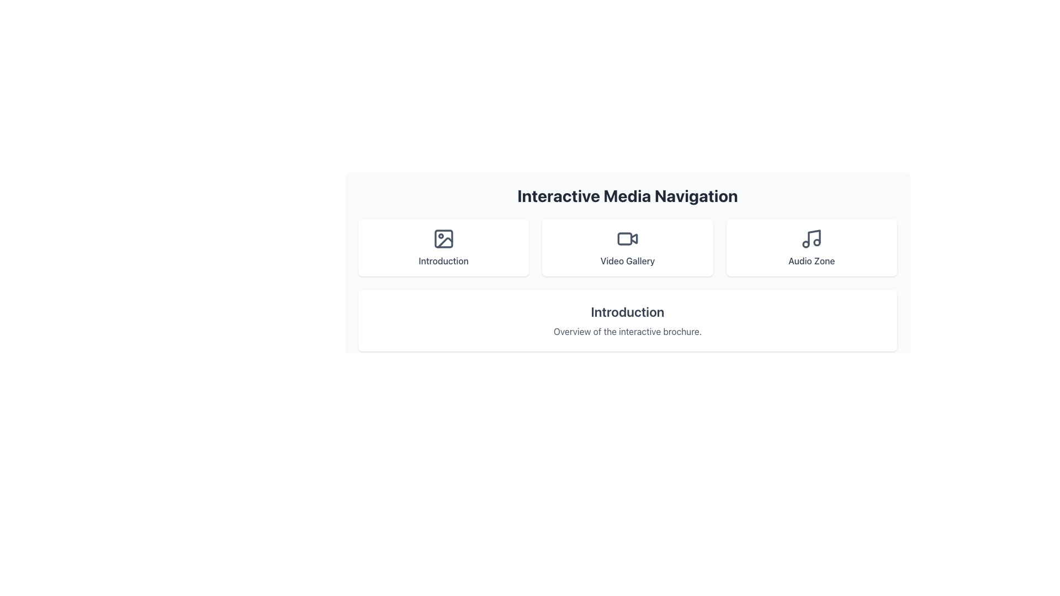 The width and height of the screenshot is (1060, 596). What do you see at coordinates (812, 238) in the screenshot?
I see `the 'Audio Zone' icon, which is located at the top center of the 'Audio Zone' card, positioned above the text 'Audio Zone'` at bounding box center [812, 238].